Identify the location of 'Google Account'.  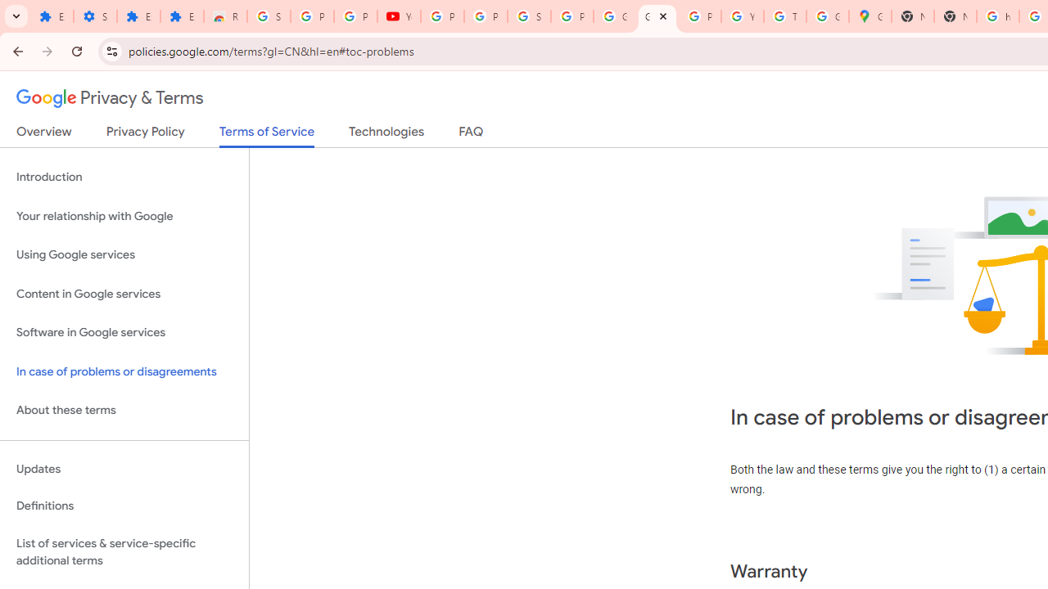
(613, 16).